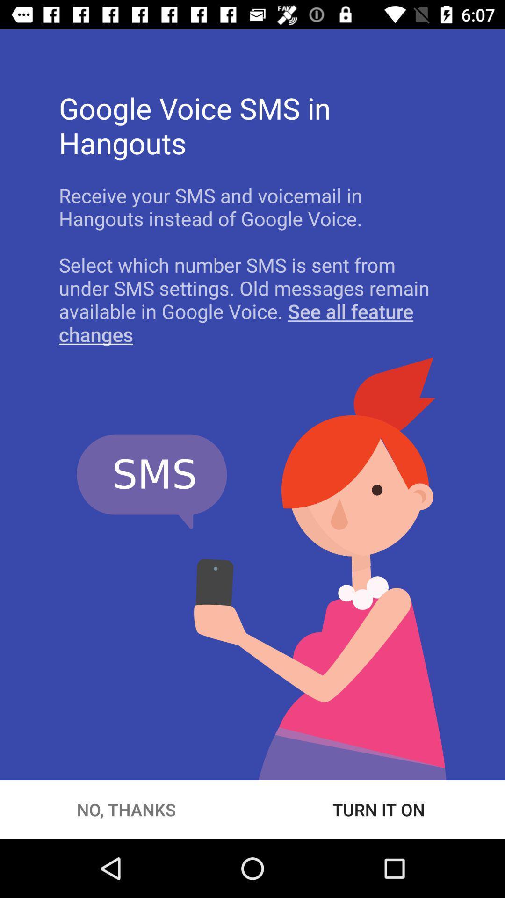 This screenshot has height=898, width=505. What do you see at coordinates (252, 299) in the screenshot?
I see `the select which number item` at bounding box center [252, 299].